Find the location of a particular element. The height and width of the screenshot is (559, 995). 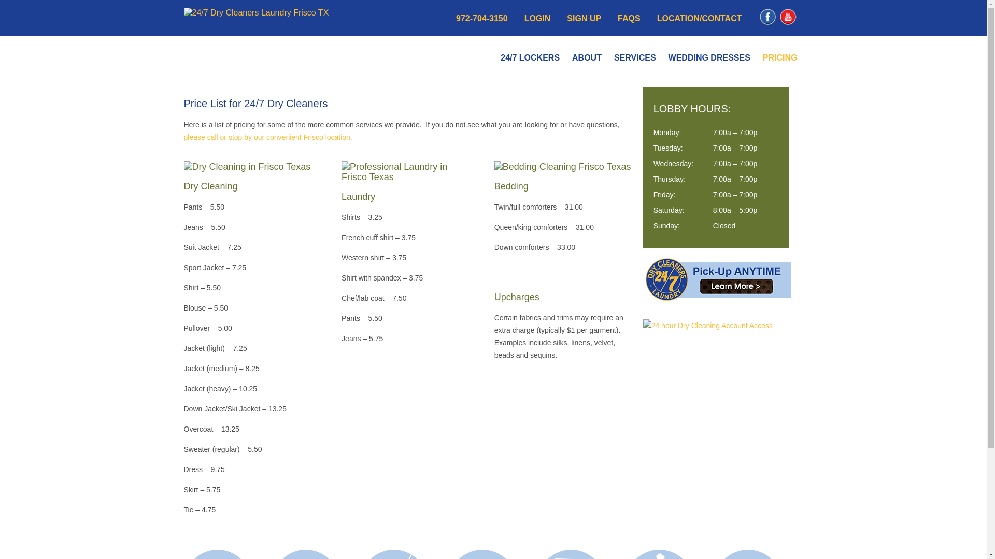

'LOGIN' is located at coordinates (524, 18).